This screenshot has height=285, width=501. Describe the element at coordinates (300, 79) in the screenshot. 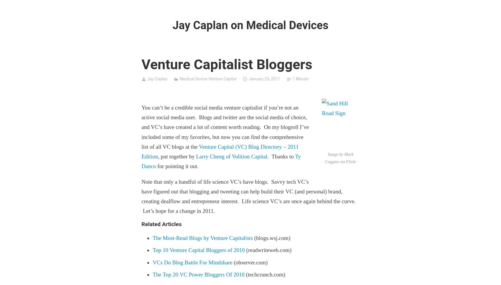

I see `'1 Minute'` at that location.